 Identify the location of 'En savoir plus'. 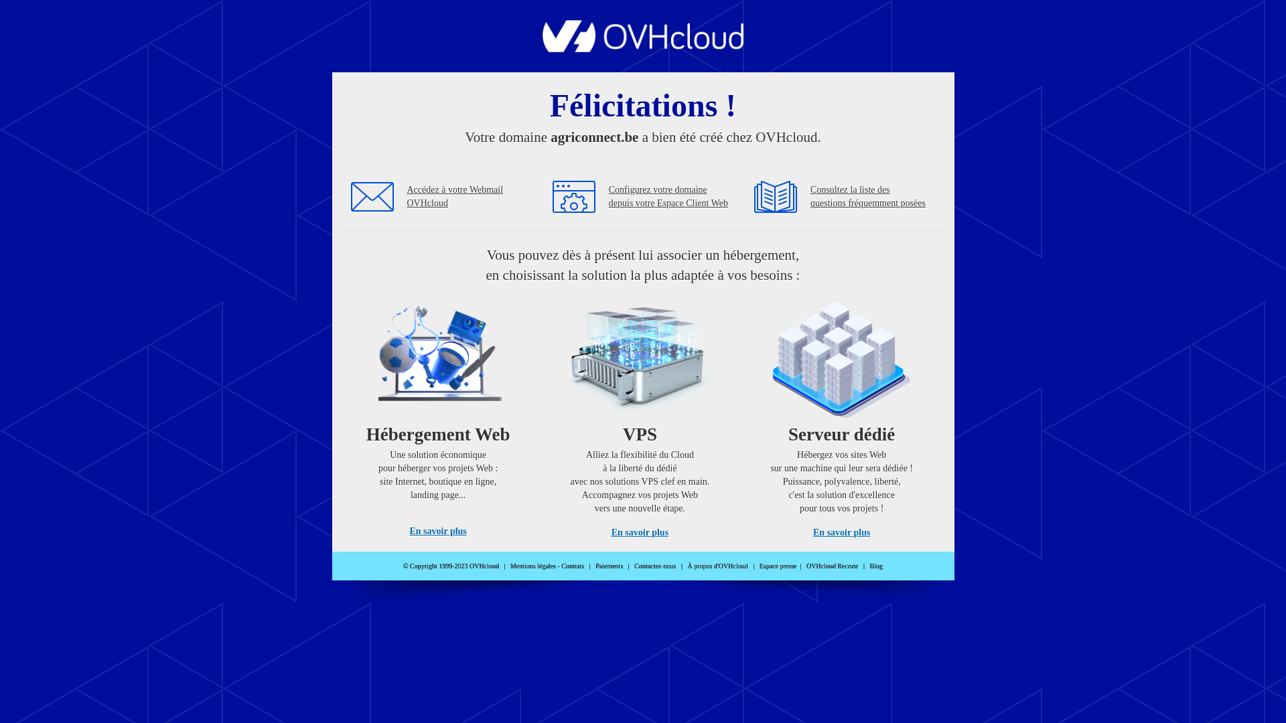
(639, 532).